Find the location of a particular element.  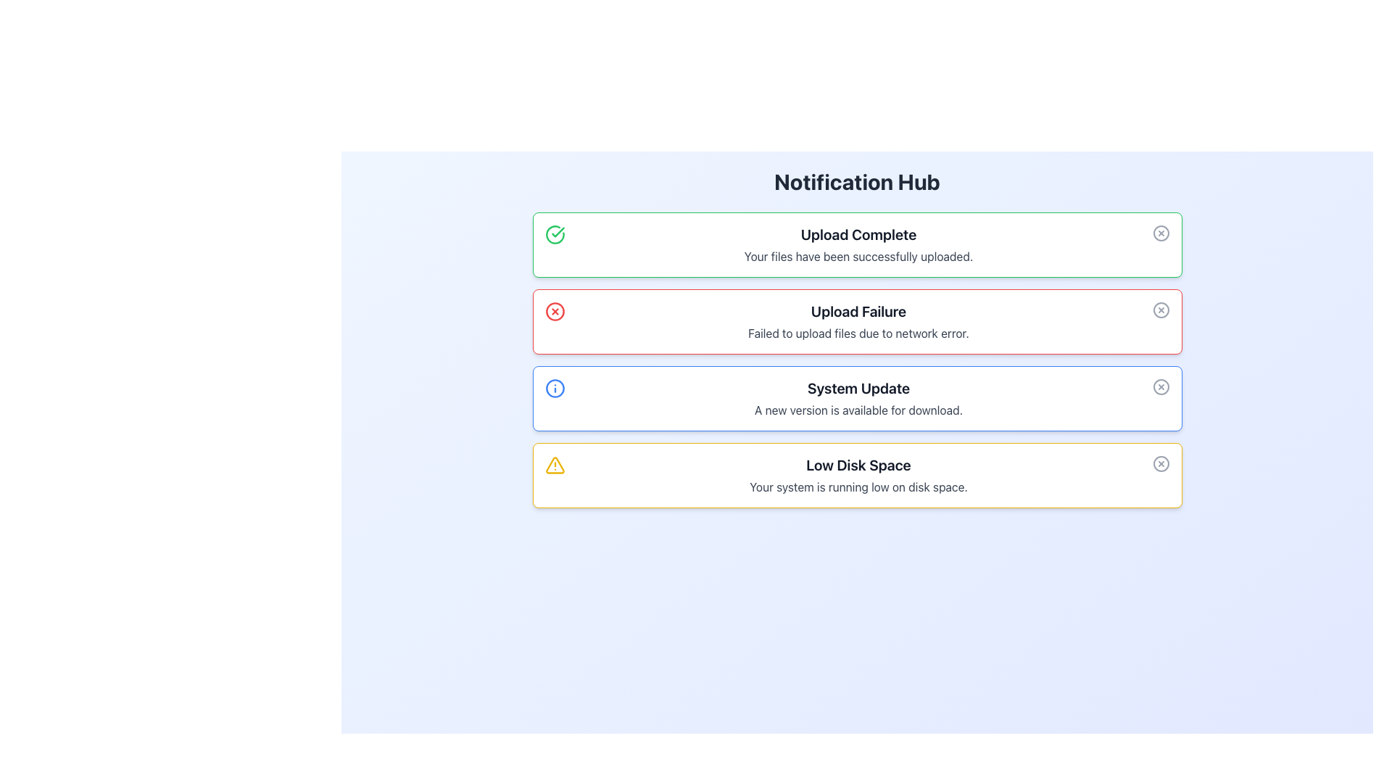

the decorative circle at the center of the blue system update icon in the third notification row of the vertical list is located at coordinates (554, 388).